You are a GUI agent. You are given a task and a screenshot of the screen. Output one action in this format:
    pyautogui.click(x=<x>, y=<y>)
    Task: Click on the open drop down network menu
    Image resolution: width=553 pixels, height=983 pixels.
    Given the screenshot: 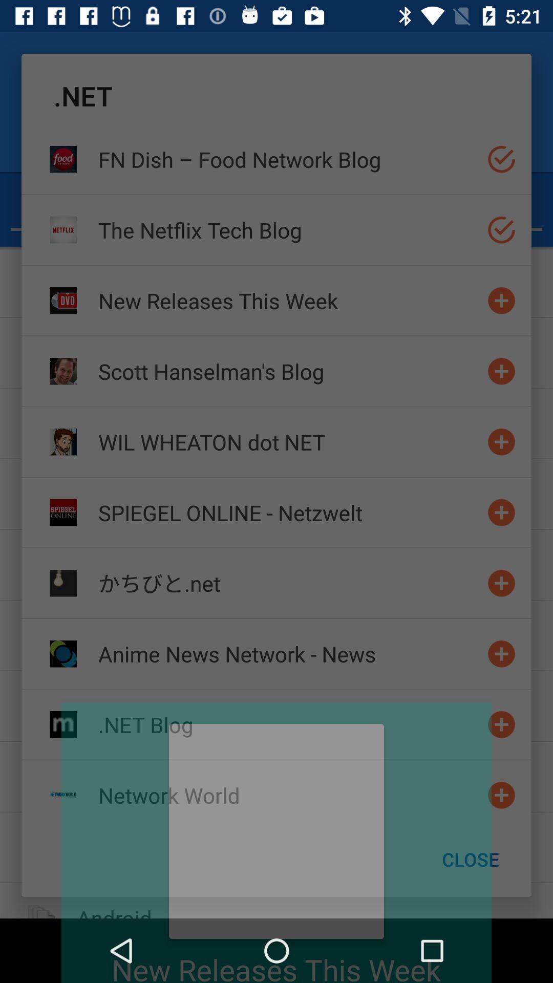 What is the action you would take?
    pyautogui.click(x=501, y=794)
    